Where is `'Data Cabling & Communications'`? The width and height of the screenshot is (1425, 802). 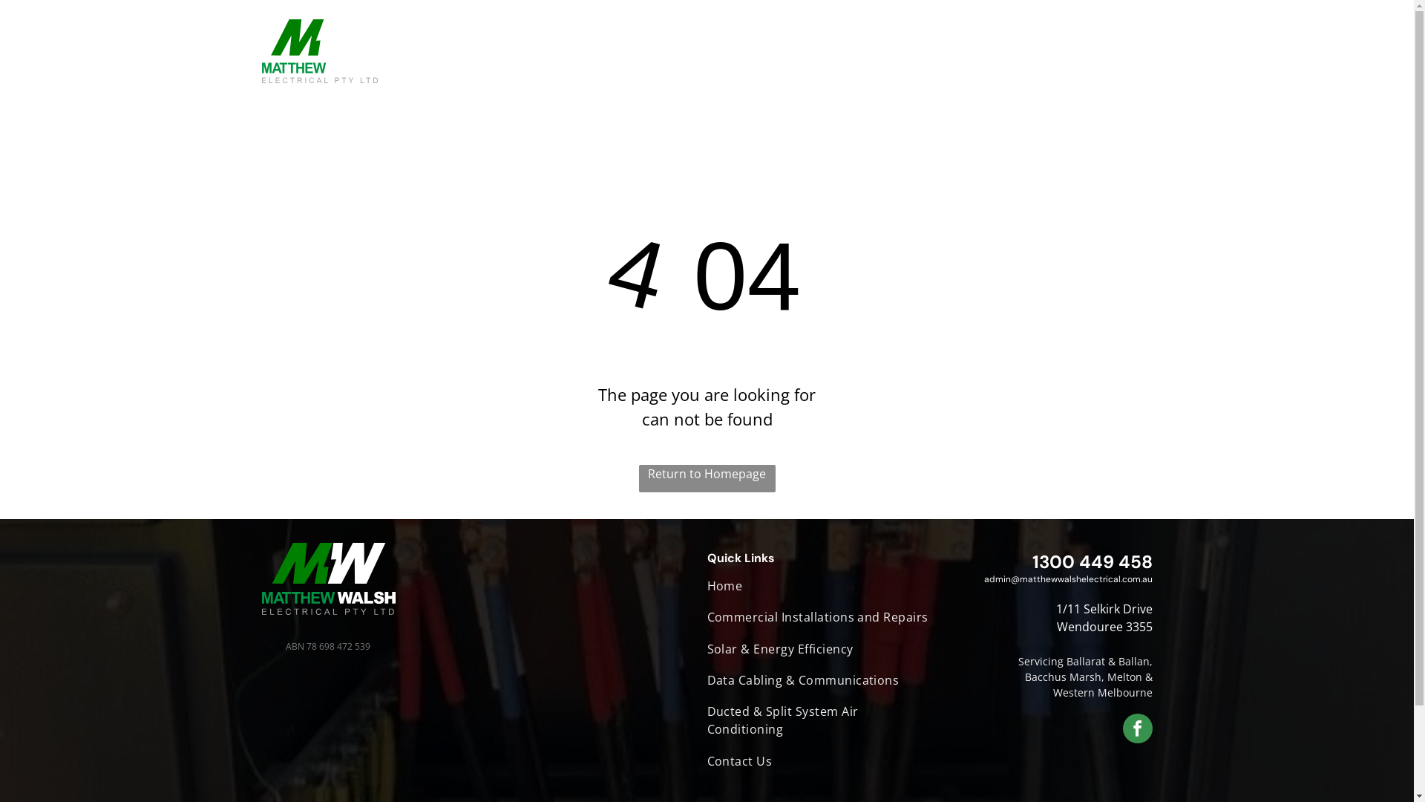 'Data Cabling & Communications' is located at coordinates (817, 683).